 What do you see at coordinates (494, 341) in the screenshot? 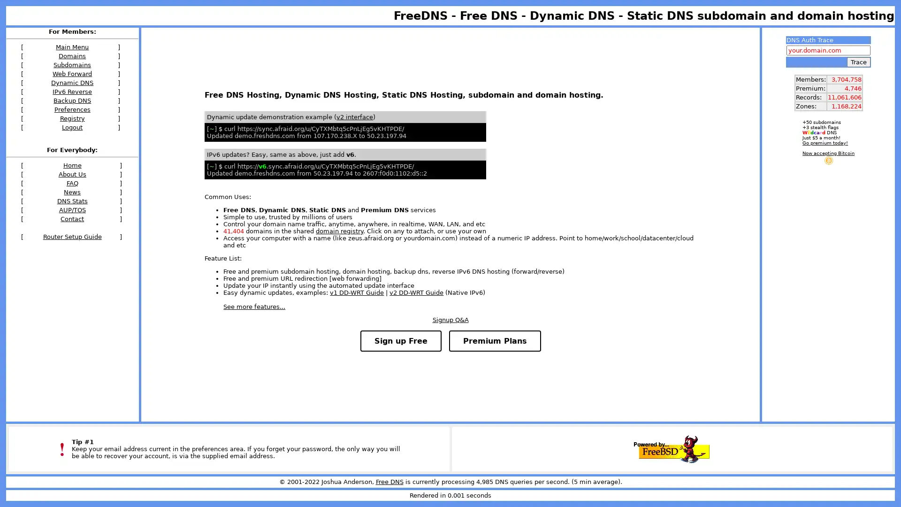
I see `Premium Plans` at bounding box center [494, 341].